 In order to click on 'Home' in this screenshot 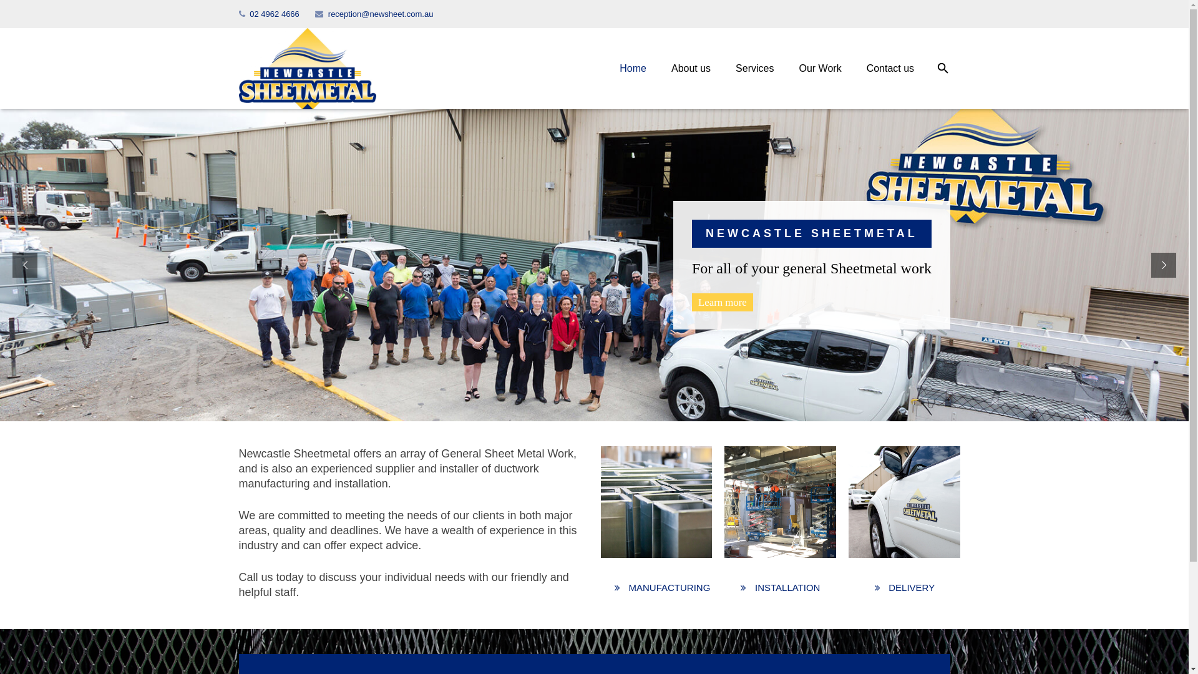, I will do `click(607, 69)`.